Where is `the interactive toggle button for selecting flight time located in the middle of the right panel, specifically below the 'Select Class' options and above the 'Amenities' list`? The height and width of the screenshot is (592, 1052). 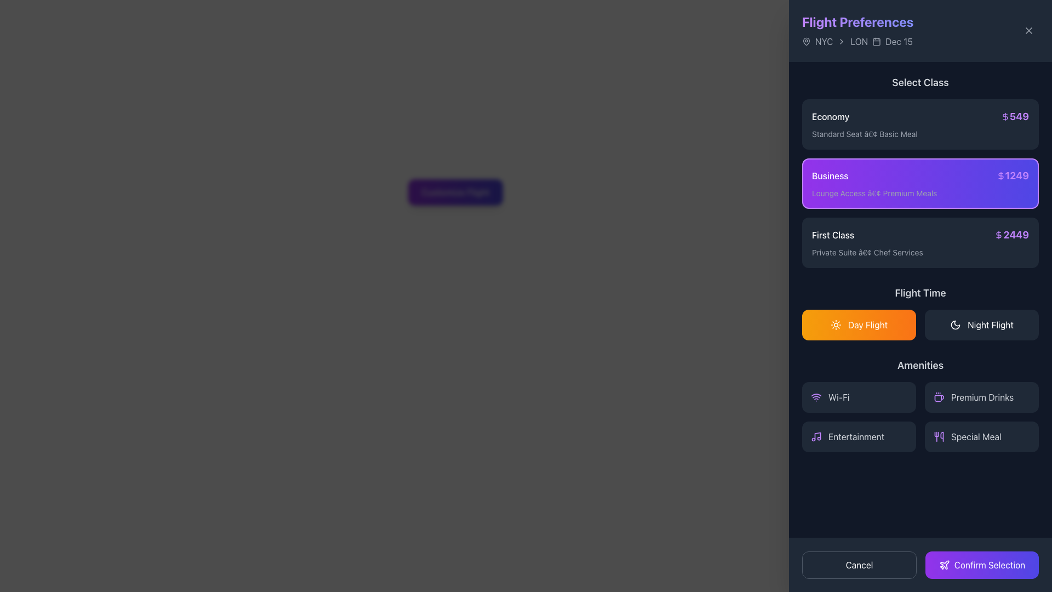
the interactive toggle button for selecting flight time located in the middle of the right panel, specifically below the 'Select Class' options and above the 'Amenities' list is located at coordinates (921, 312).